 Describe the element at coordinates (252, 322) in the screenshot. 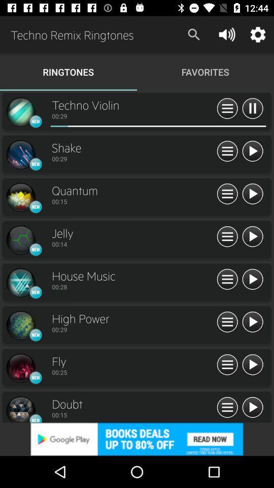

I see `'high power` at that location.